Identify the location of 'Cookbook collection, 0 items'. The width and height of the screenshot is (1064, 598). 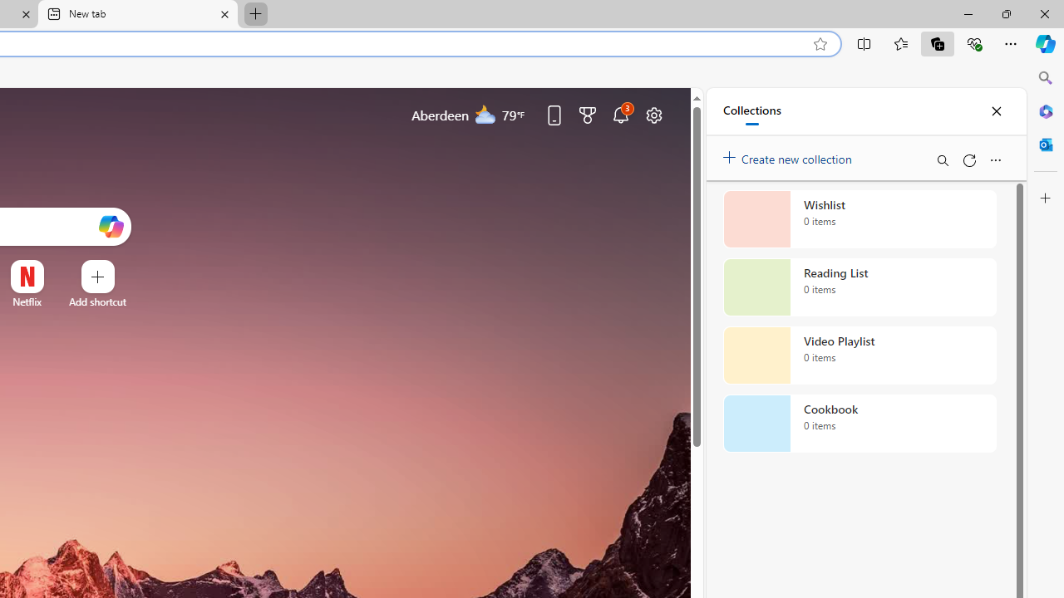
(860, 423).